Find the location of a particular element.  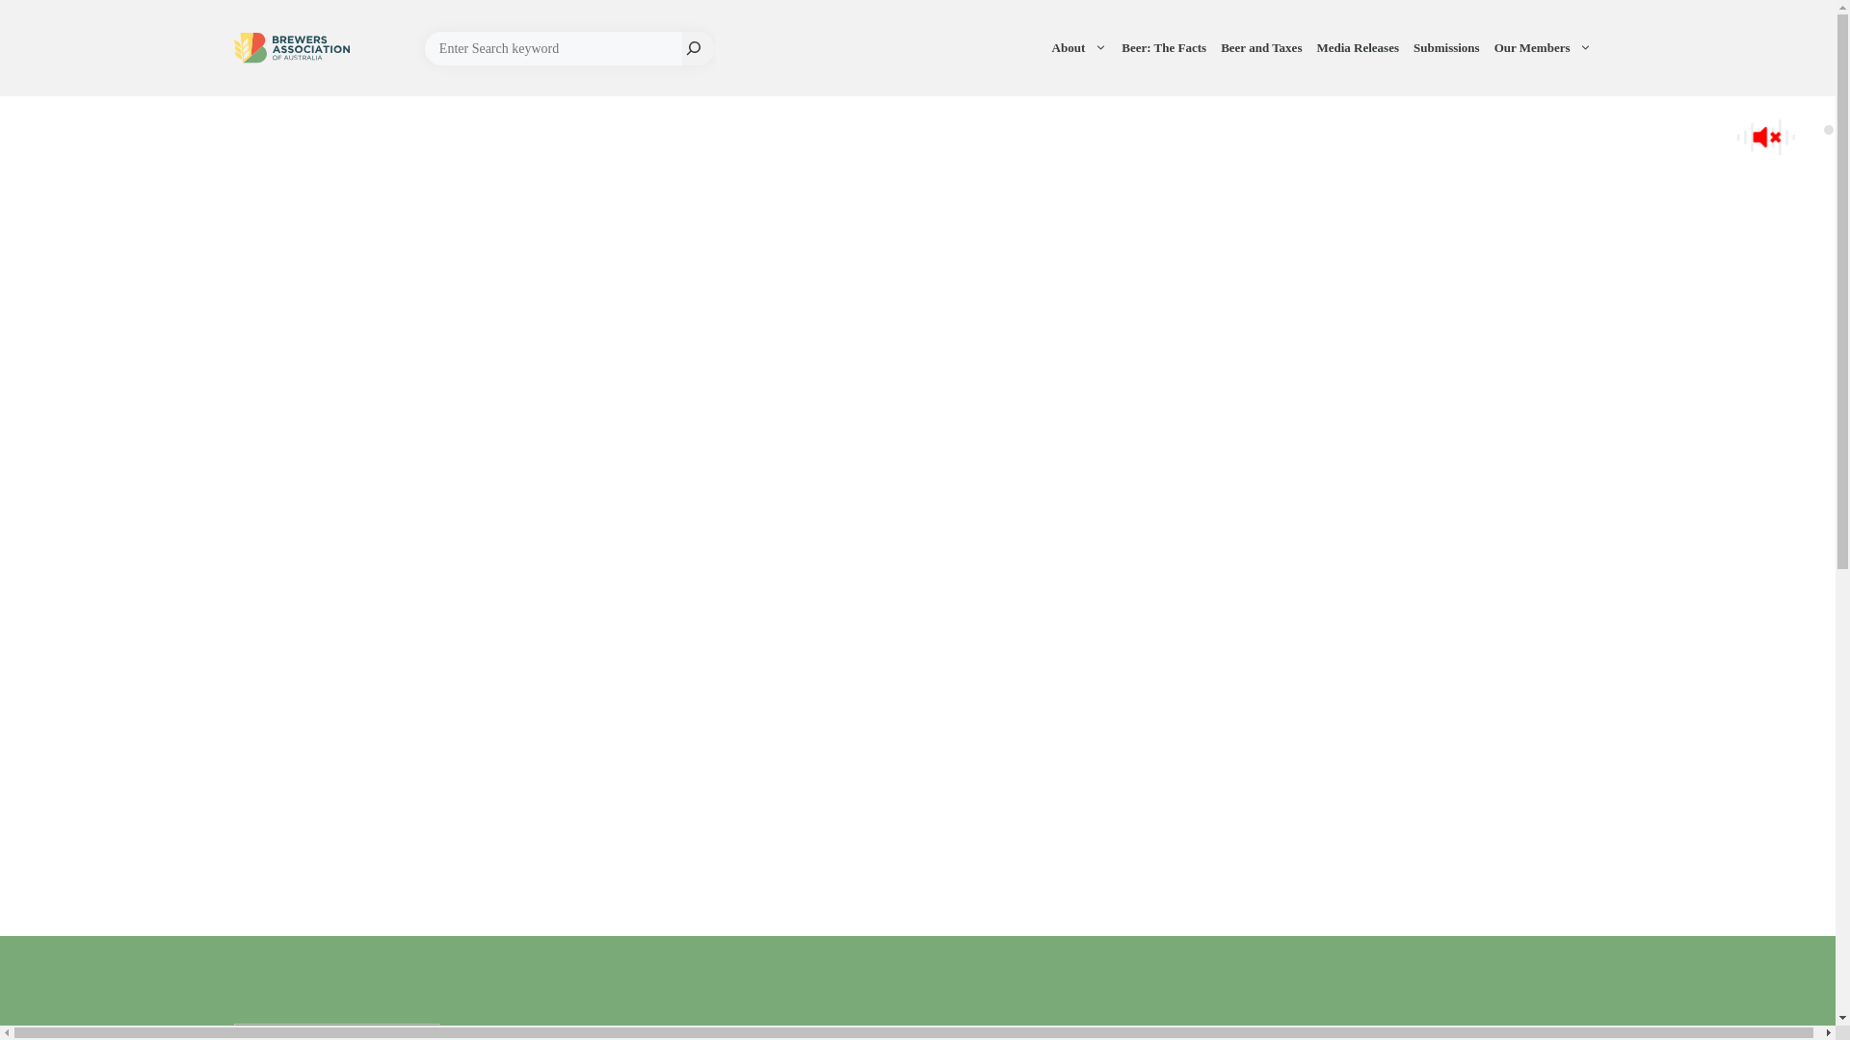

'Our Members' is located at coordinates (1546, 47).